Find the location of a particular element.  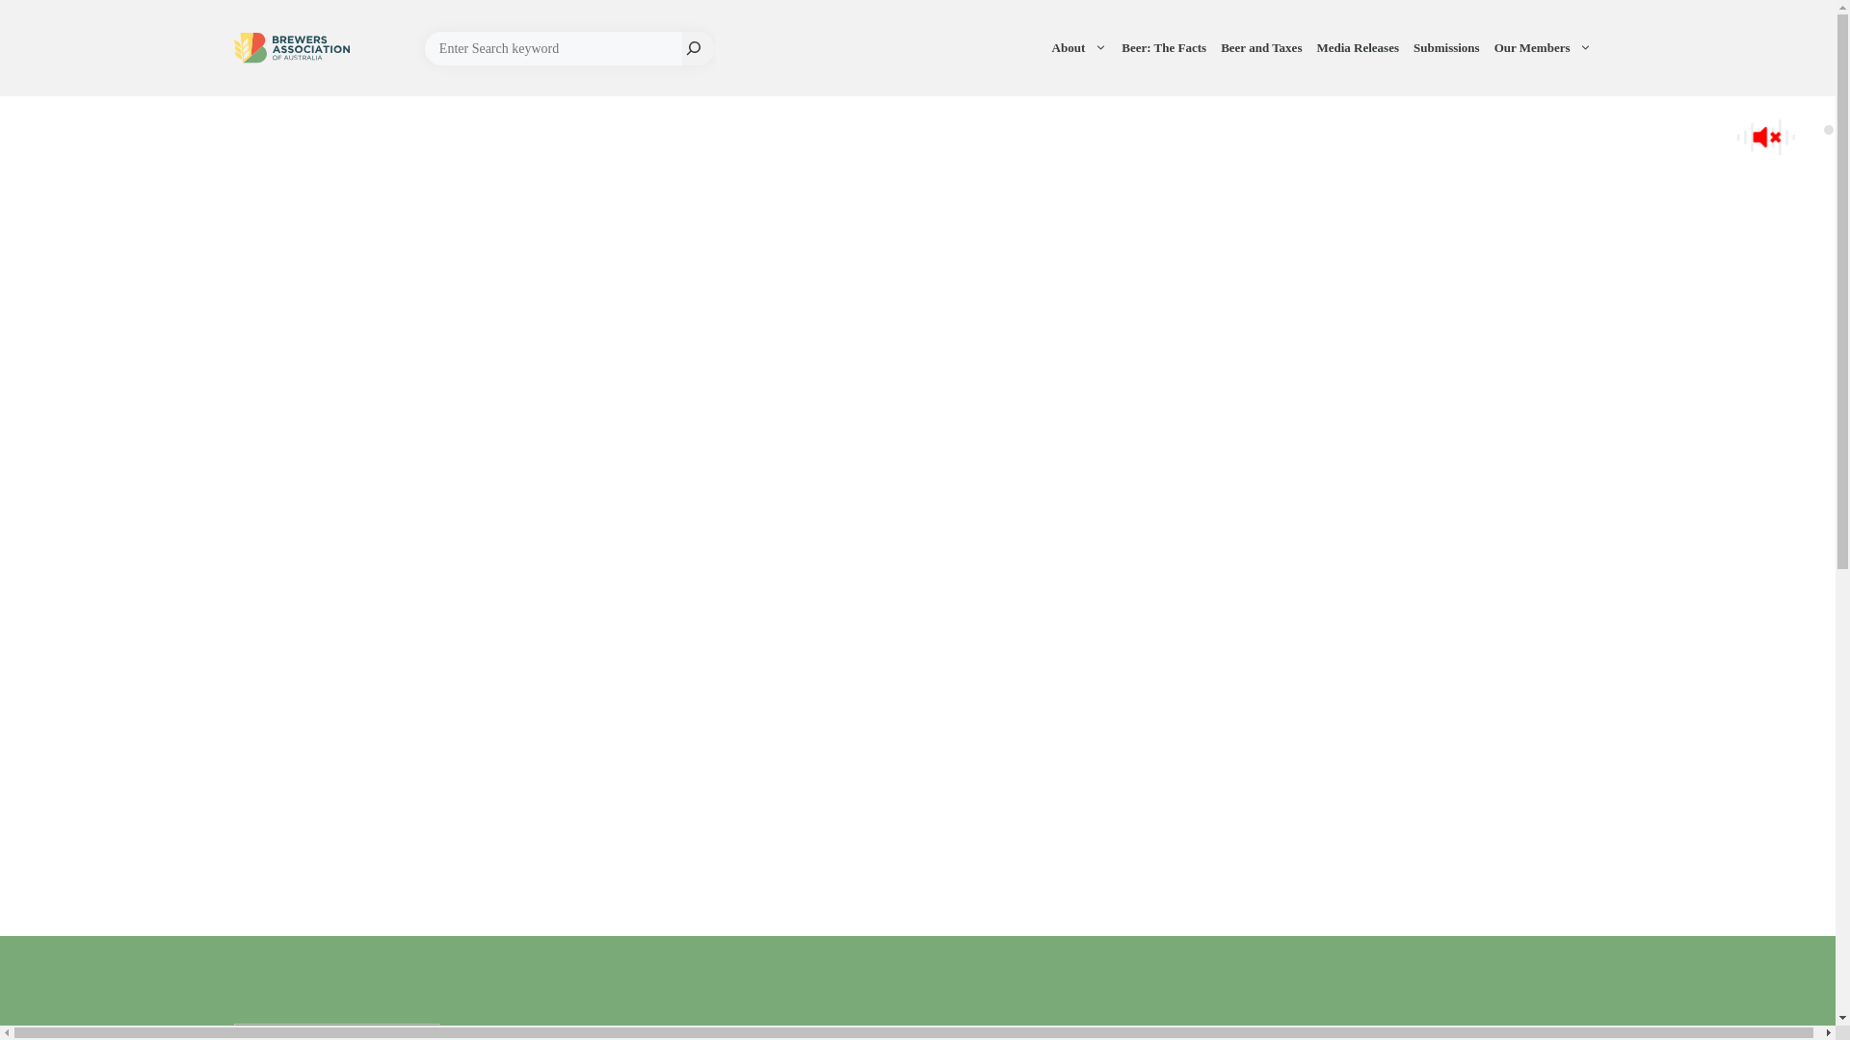

'Our Members' is located at coordinates (1546, 47).